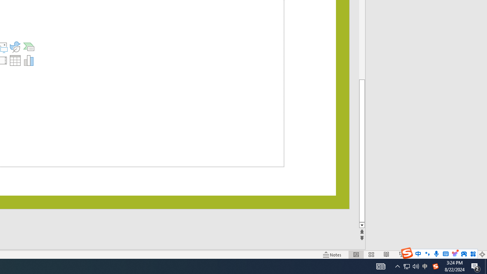 This screenshot has height=274, width=487. Describe the element at coordinates (469, 255) in the screenshot. I see `'Zoom 140%'` at that location.